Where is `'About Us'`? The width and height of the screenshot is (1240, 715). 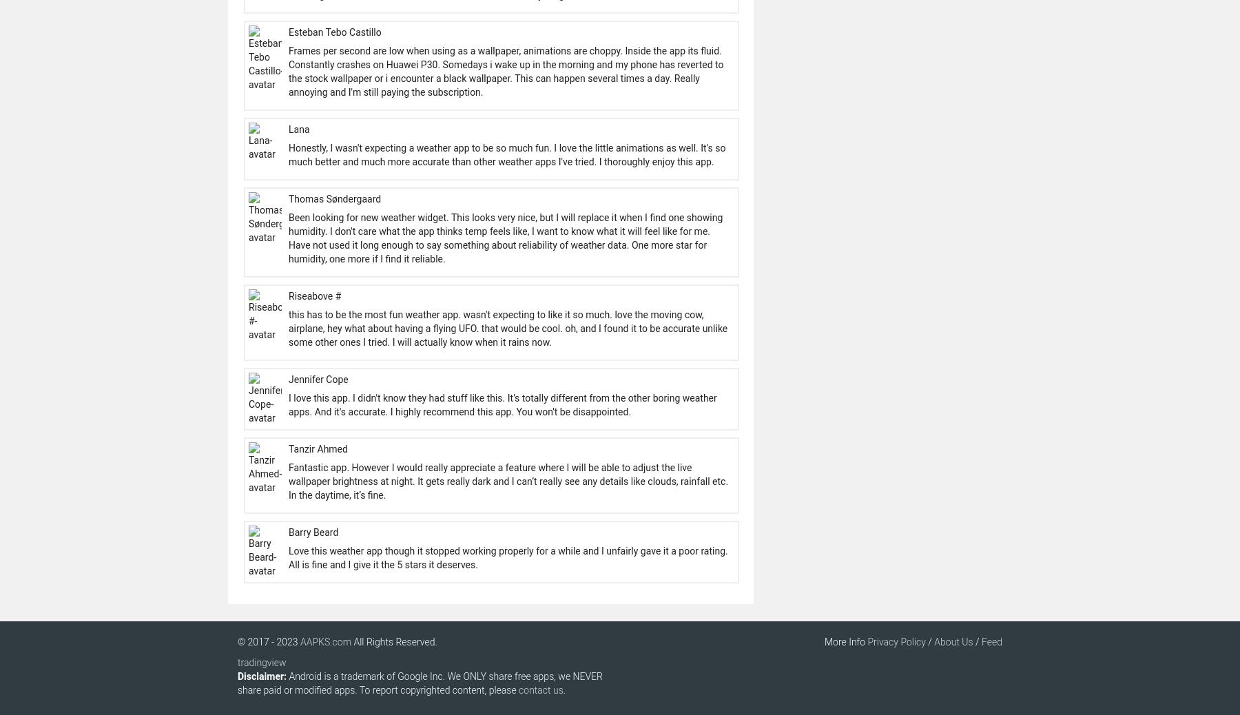
'About Us' is located at coordinates (953, 642).